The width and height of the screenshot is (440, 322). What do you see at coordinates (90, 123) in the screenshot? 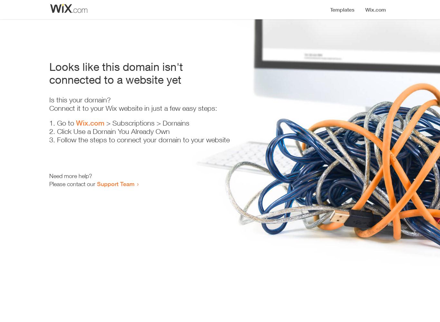
I see `'Wix.com'` at bounding box center [90, 123].